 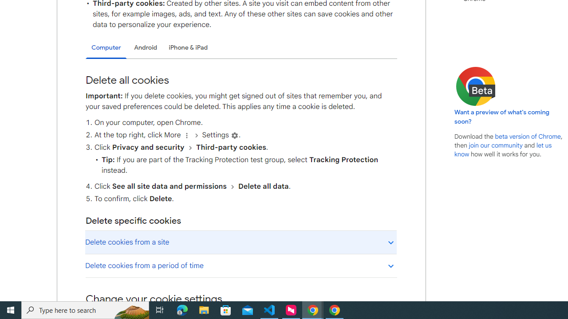 I want to click on 'beta version of Chrome', so click(x=528, y=136).